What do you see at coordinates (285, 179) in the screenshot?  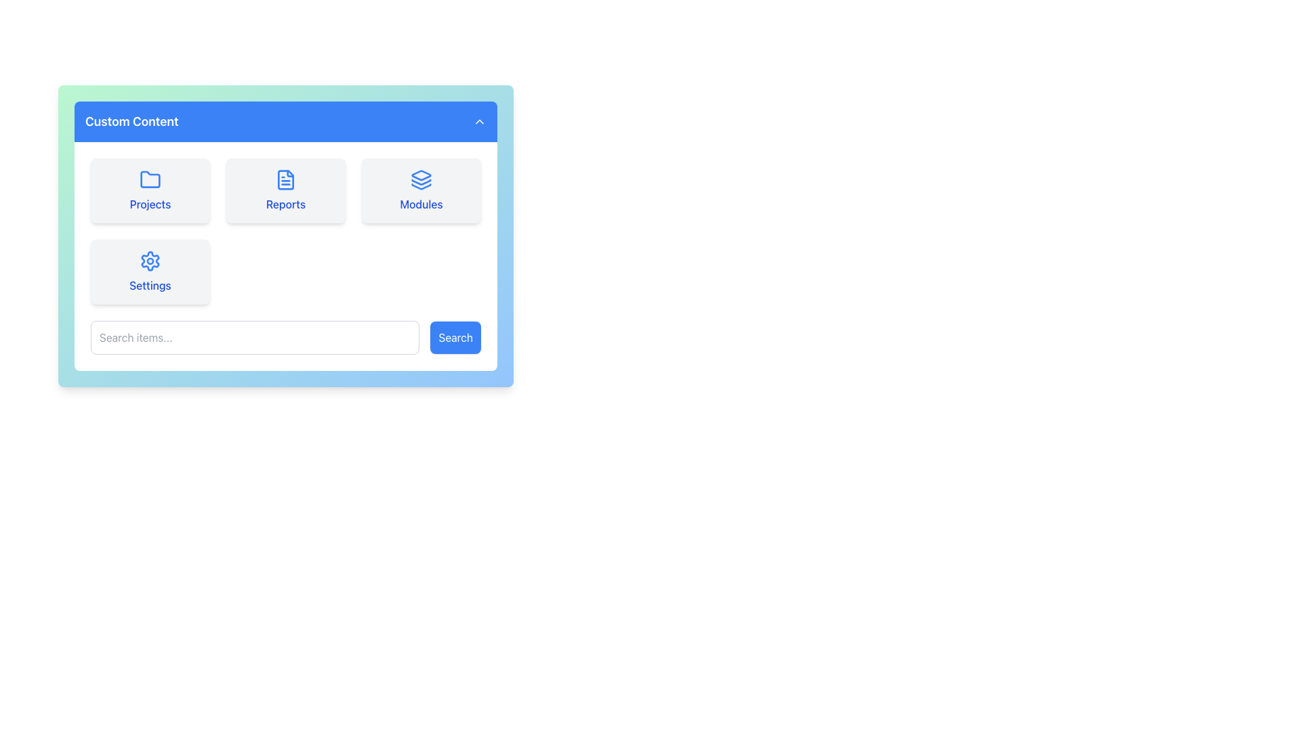 I see `the 'Reports' icon located in the second tile of the top row of the tile grid within the main content card` at bounding box center [285, 179].